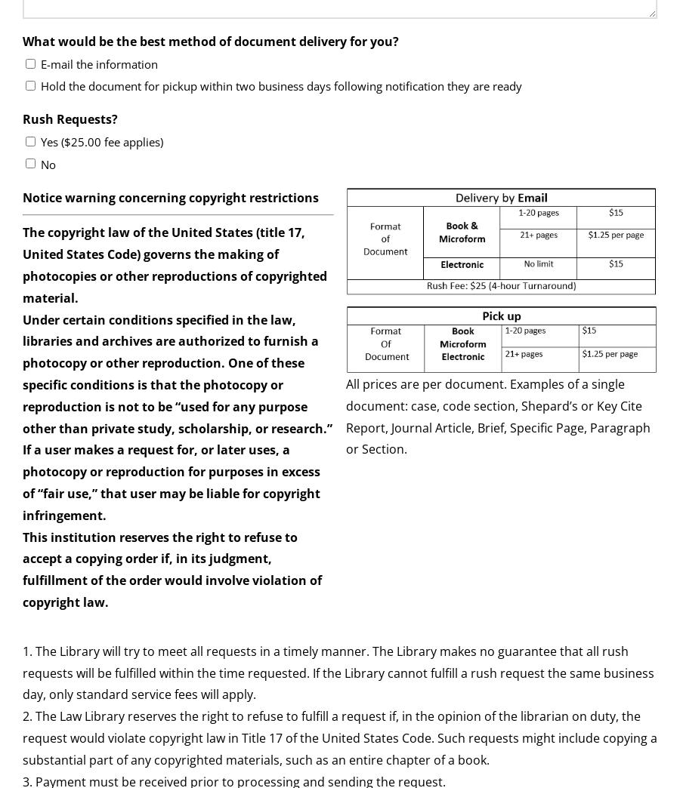  I want to click on '2. The Law Library reserves the right to refuse to fulfill a request if, in the opinion of the librarian on duty, the request would violate copyright law in Title 17 of the United States Code. Such requests might include copying a substantial part of any copyrighted materials, such as an entire chapter of a book.', so click(340, 737).